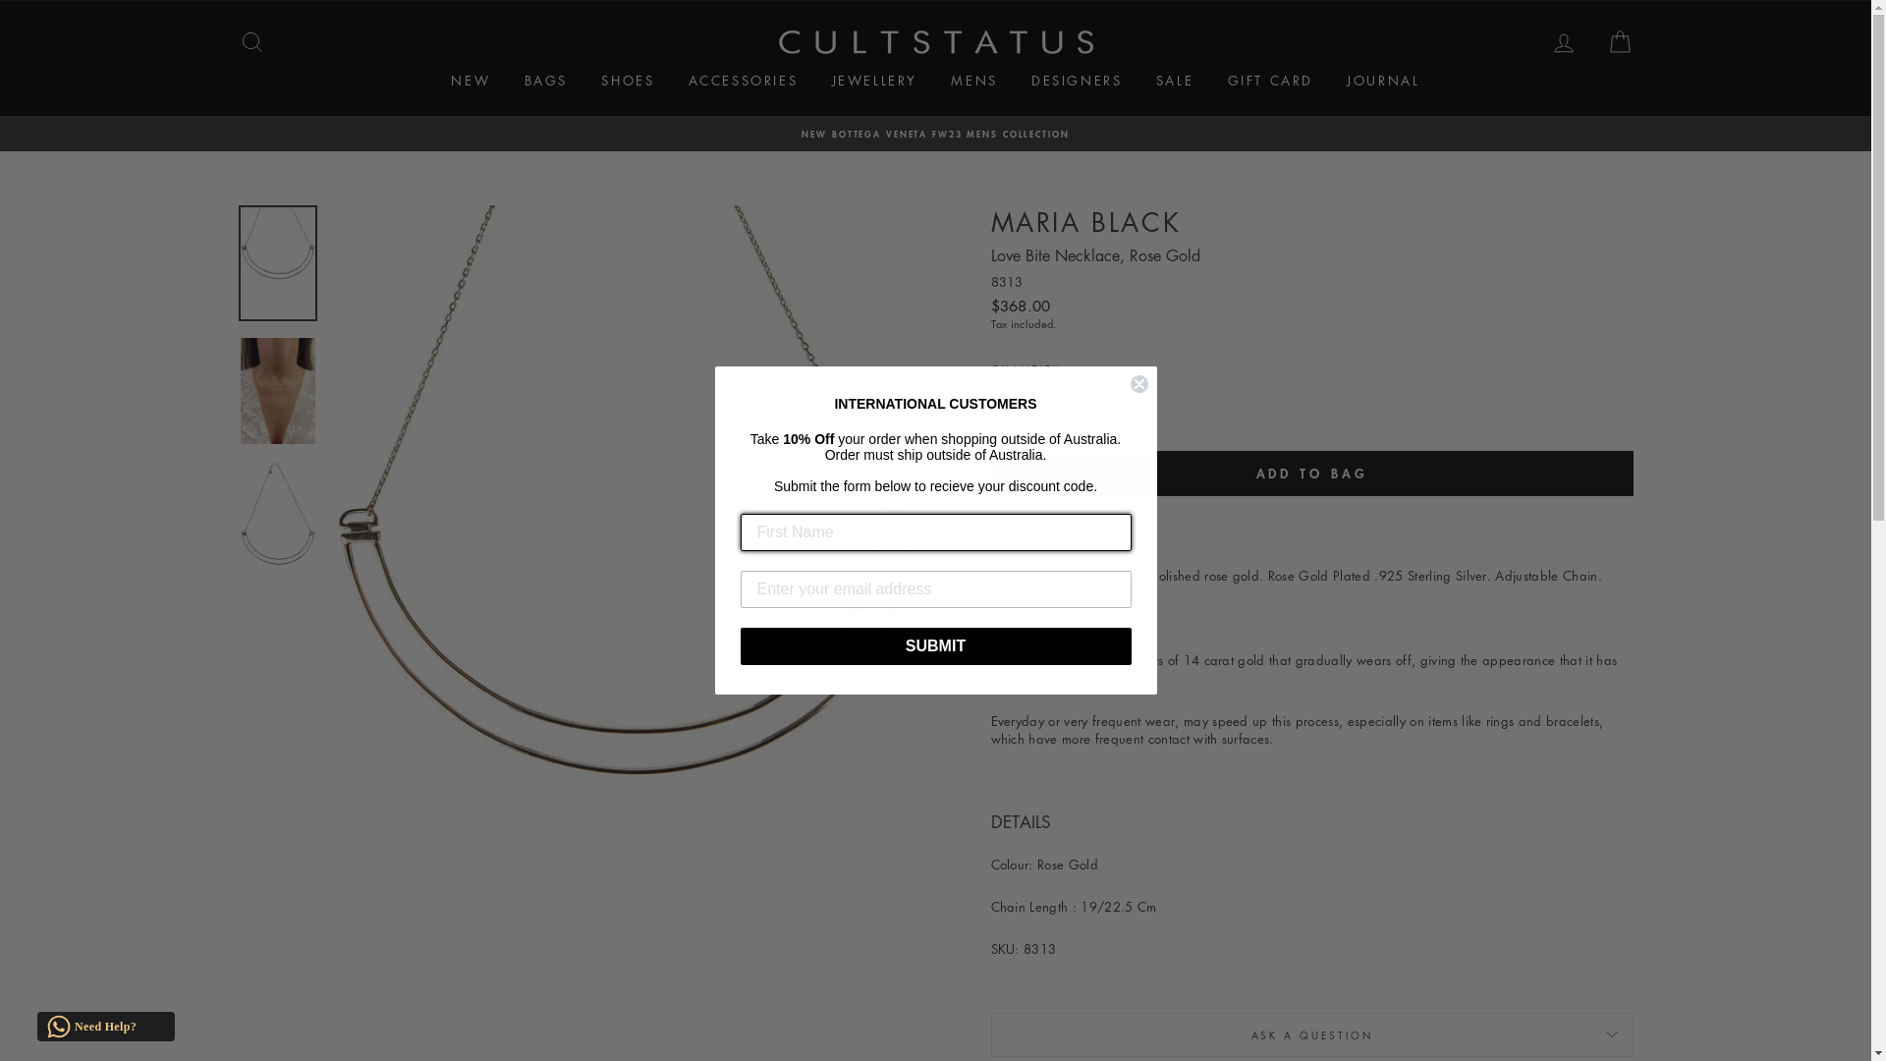 The width and height of the screenshot is (1886, 1061). I want to click on 'CART', so click(1618, 42).